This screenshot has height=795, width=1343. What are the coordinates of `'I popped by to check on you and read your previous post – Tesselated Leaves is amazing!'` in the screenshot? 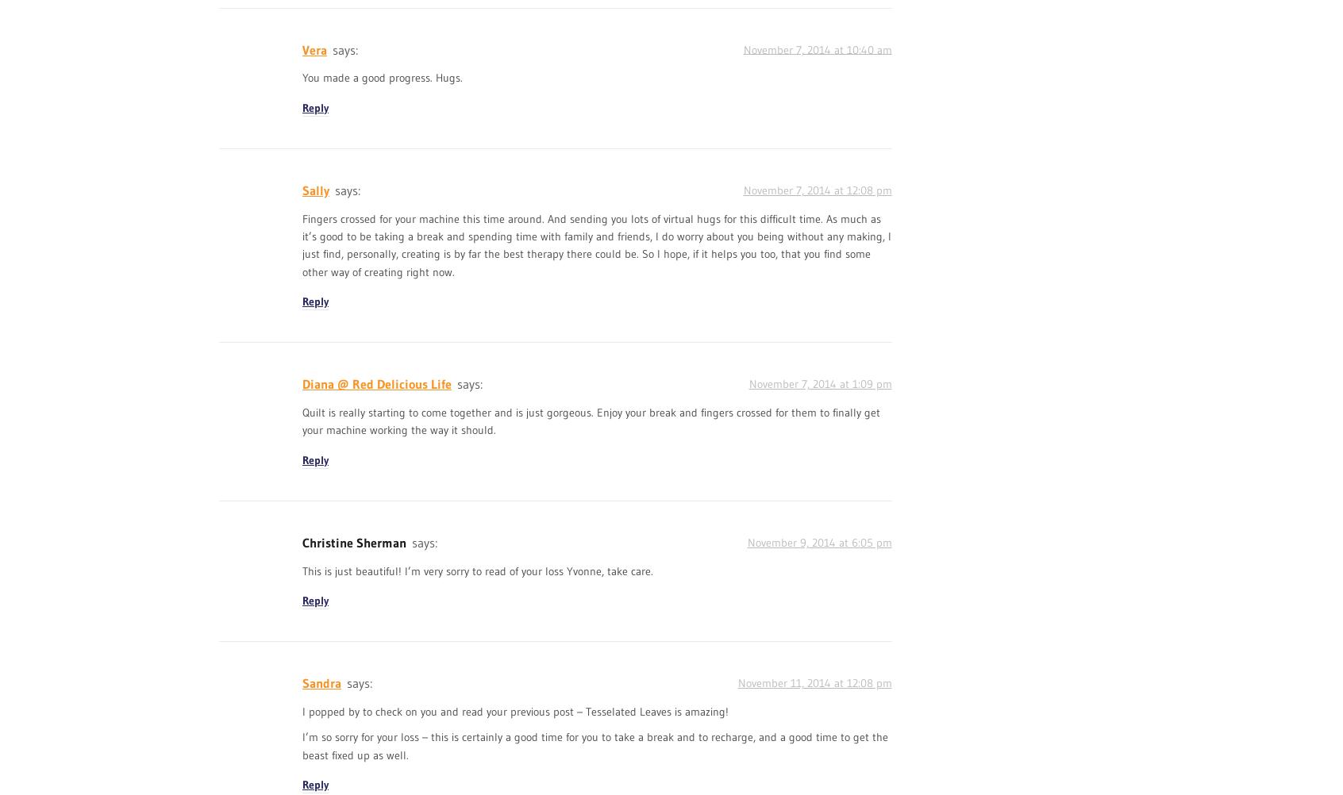 It's located at (515, 710).